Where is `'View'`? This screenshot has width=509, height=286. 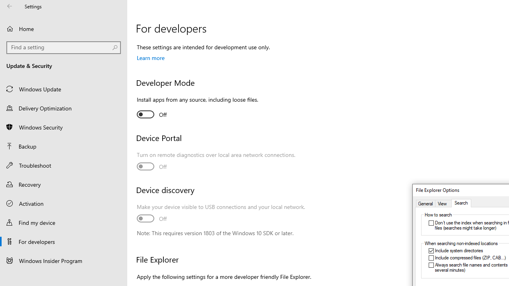
'View' is located at coordinates (443, 203).